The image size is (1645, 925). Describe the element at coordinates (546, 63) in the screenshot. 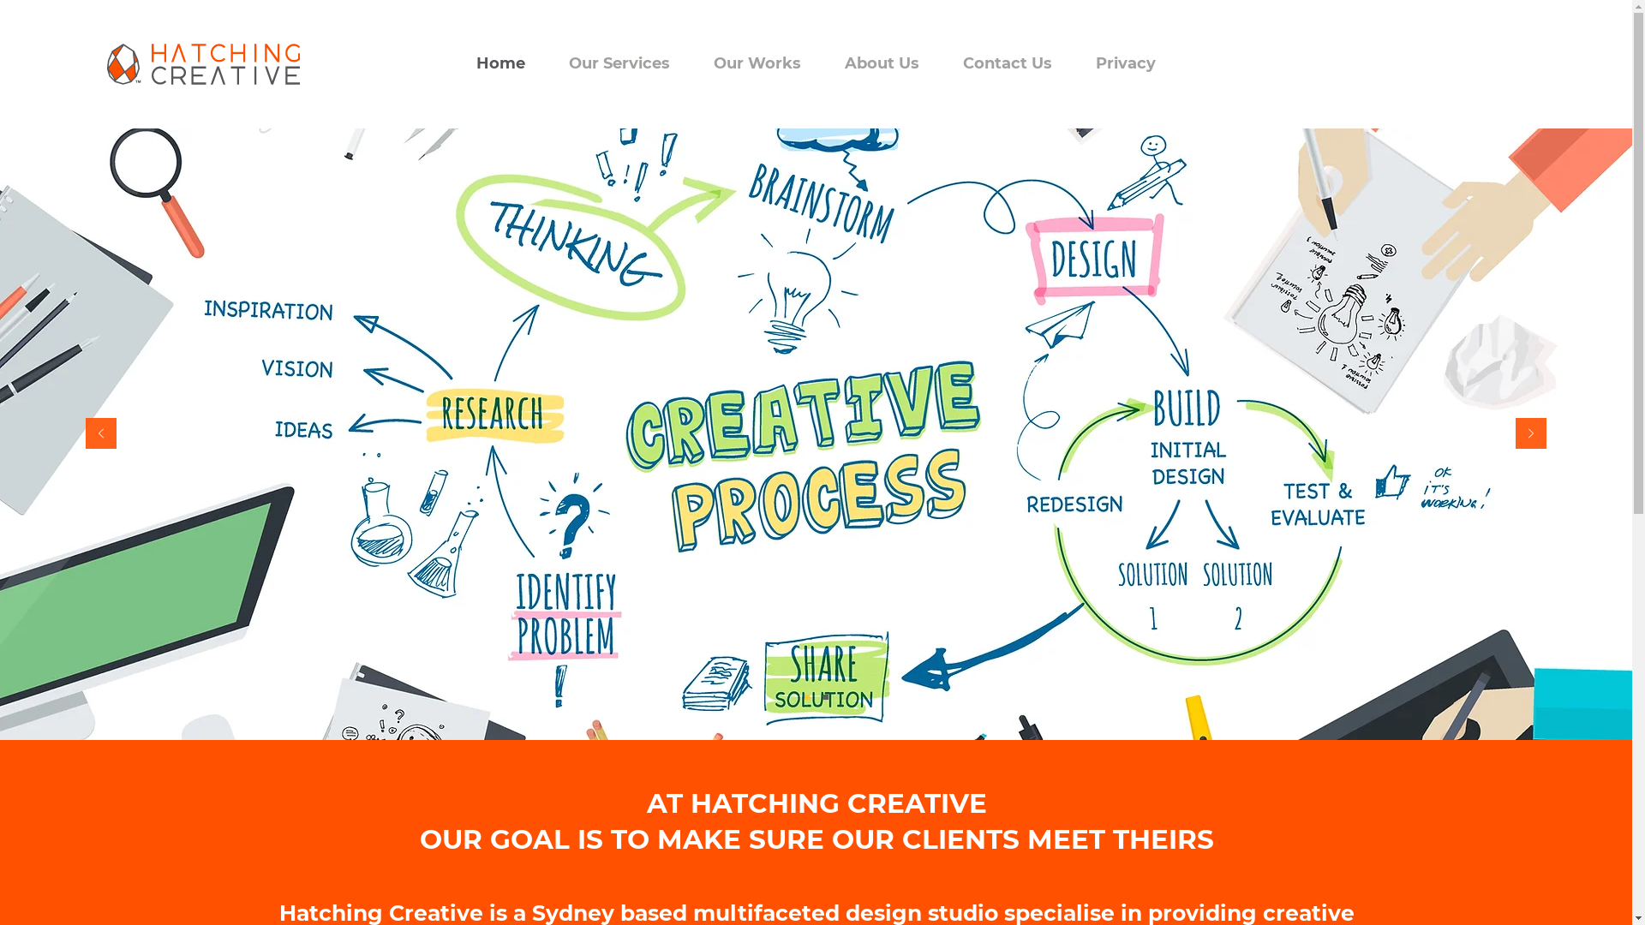

I see `'Our Services'` at that location.